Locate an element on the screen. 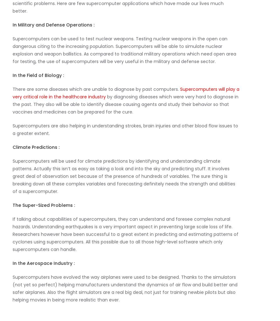 This screenshot has width=280, height=321. 'Supercomputers will play a very critical role in the healthcare industry' is located at coordinates (126, 92).